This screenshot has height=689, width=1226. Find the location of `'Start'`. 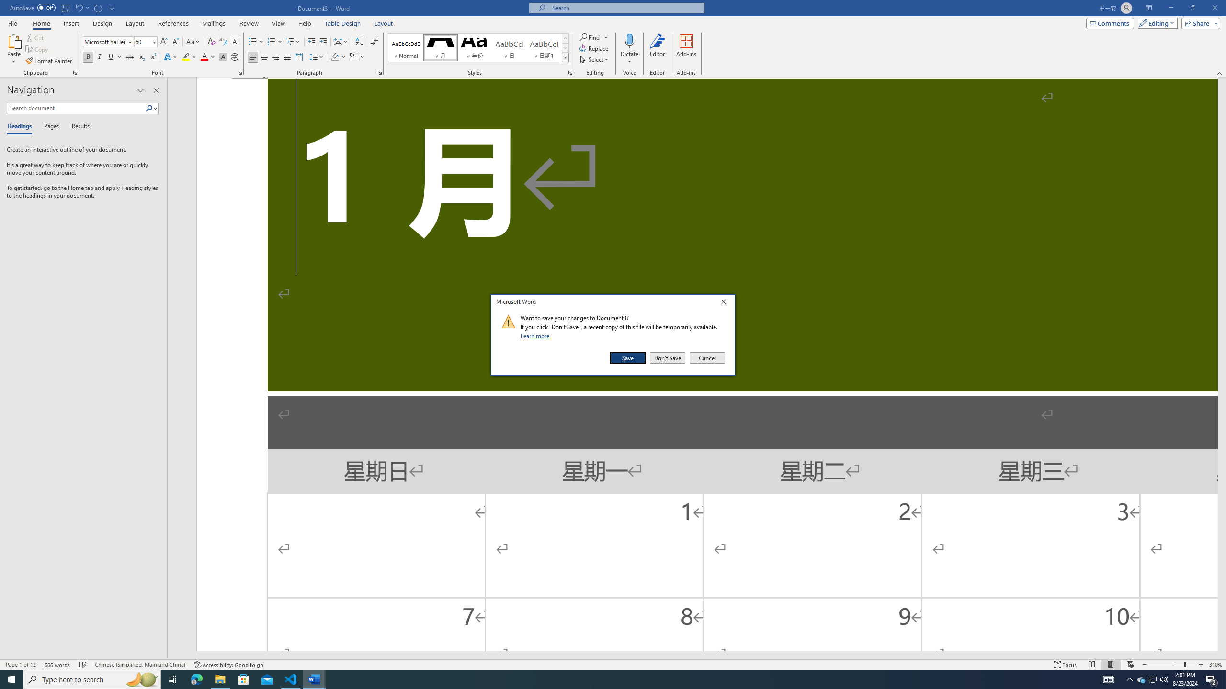

'Start' is located at coordinates (11, 678).